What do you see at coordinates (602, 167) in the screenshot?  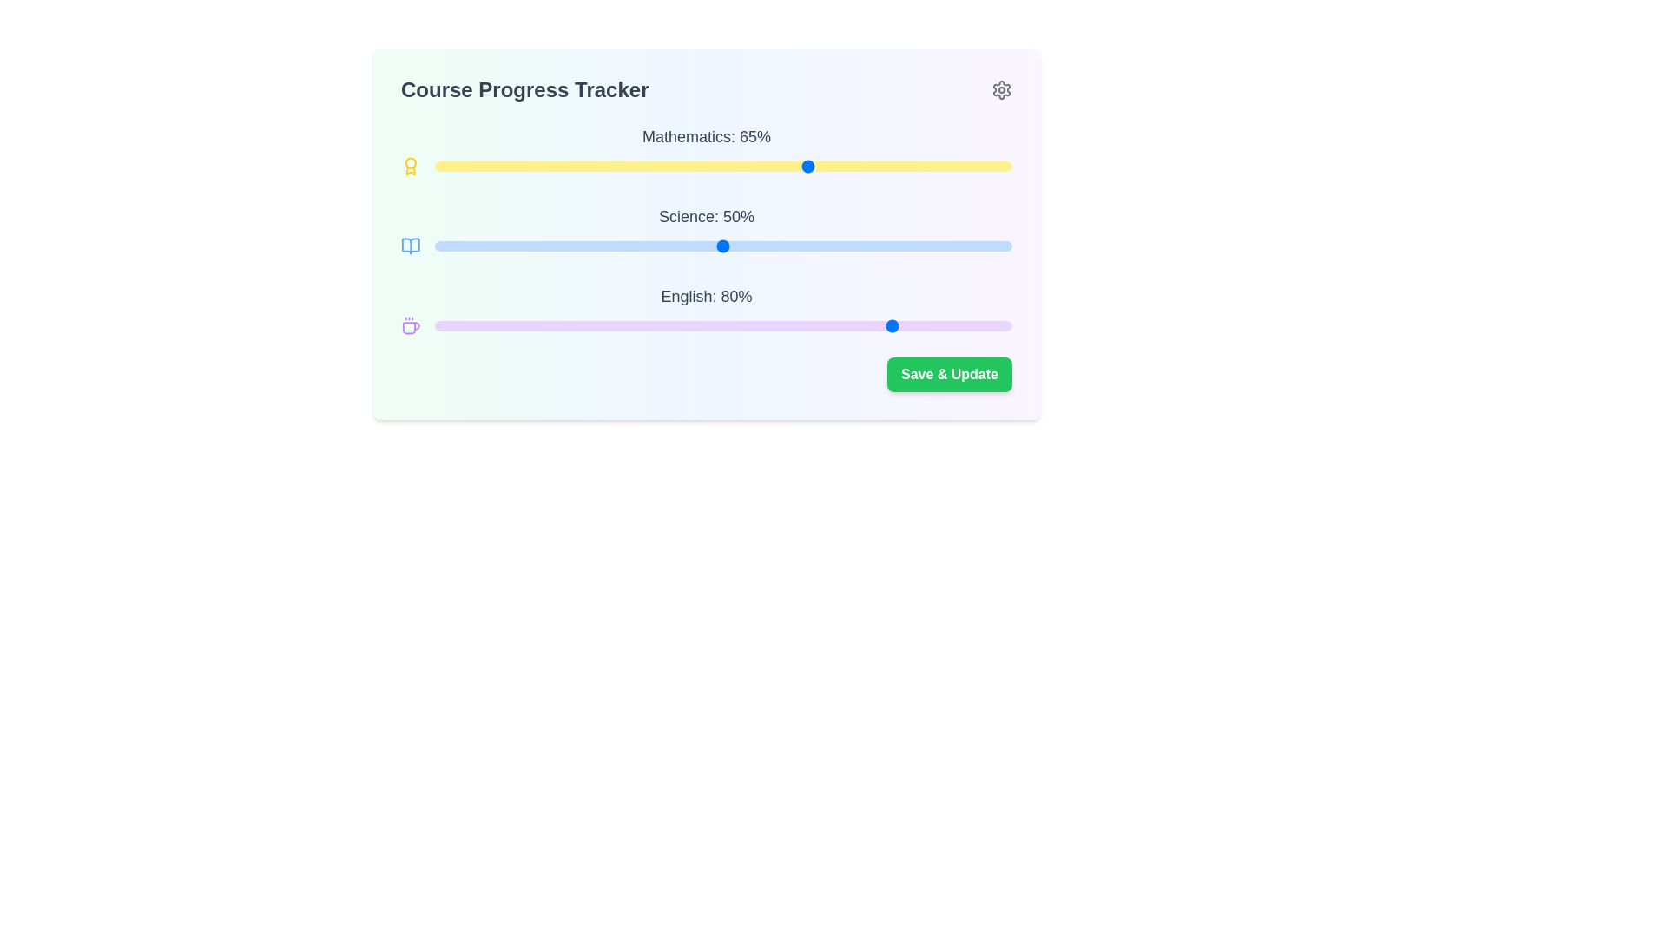 I see `the mathematics progress` at bounding box center [602, 167].